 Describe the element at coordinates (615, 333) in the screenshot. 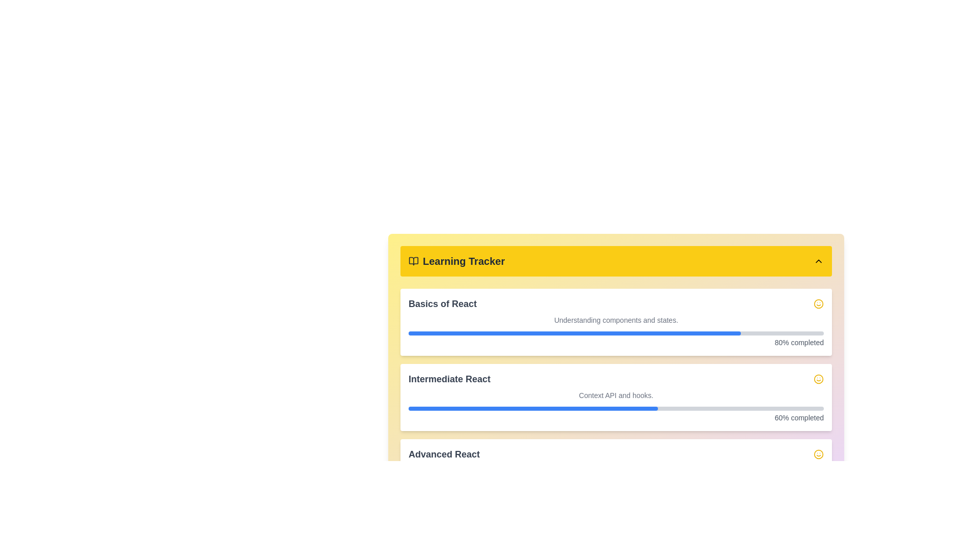

I see `the progress indication on the horizontal progress bar with a grey background and blue fill, located below the 'Understanding components and states.' text in the 'Basics of React' card in the Learning Tracker section` at that location.